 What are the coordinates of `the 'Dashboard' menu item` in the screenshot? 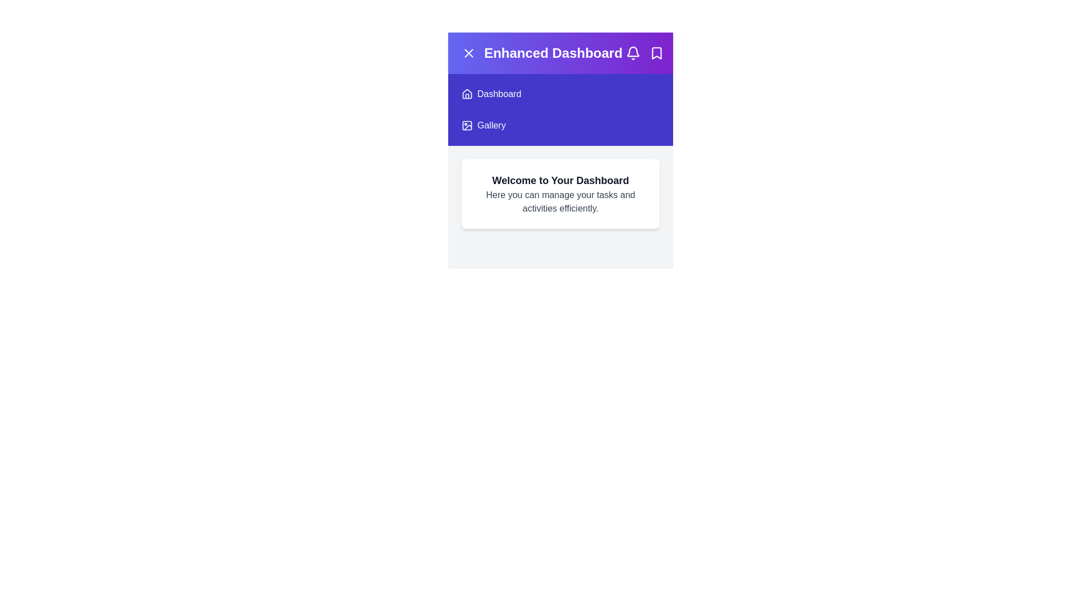 It's located at (498, 94).